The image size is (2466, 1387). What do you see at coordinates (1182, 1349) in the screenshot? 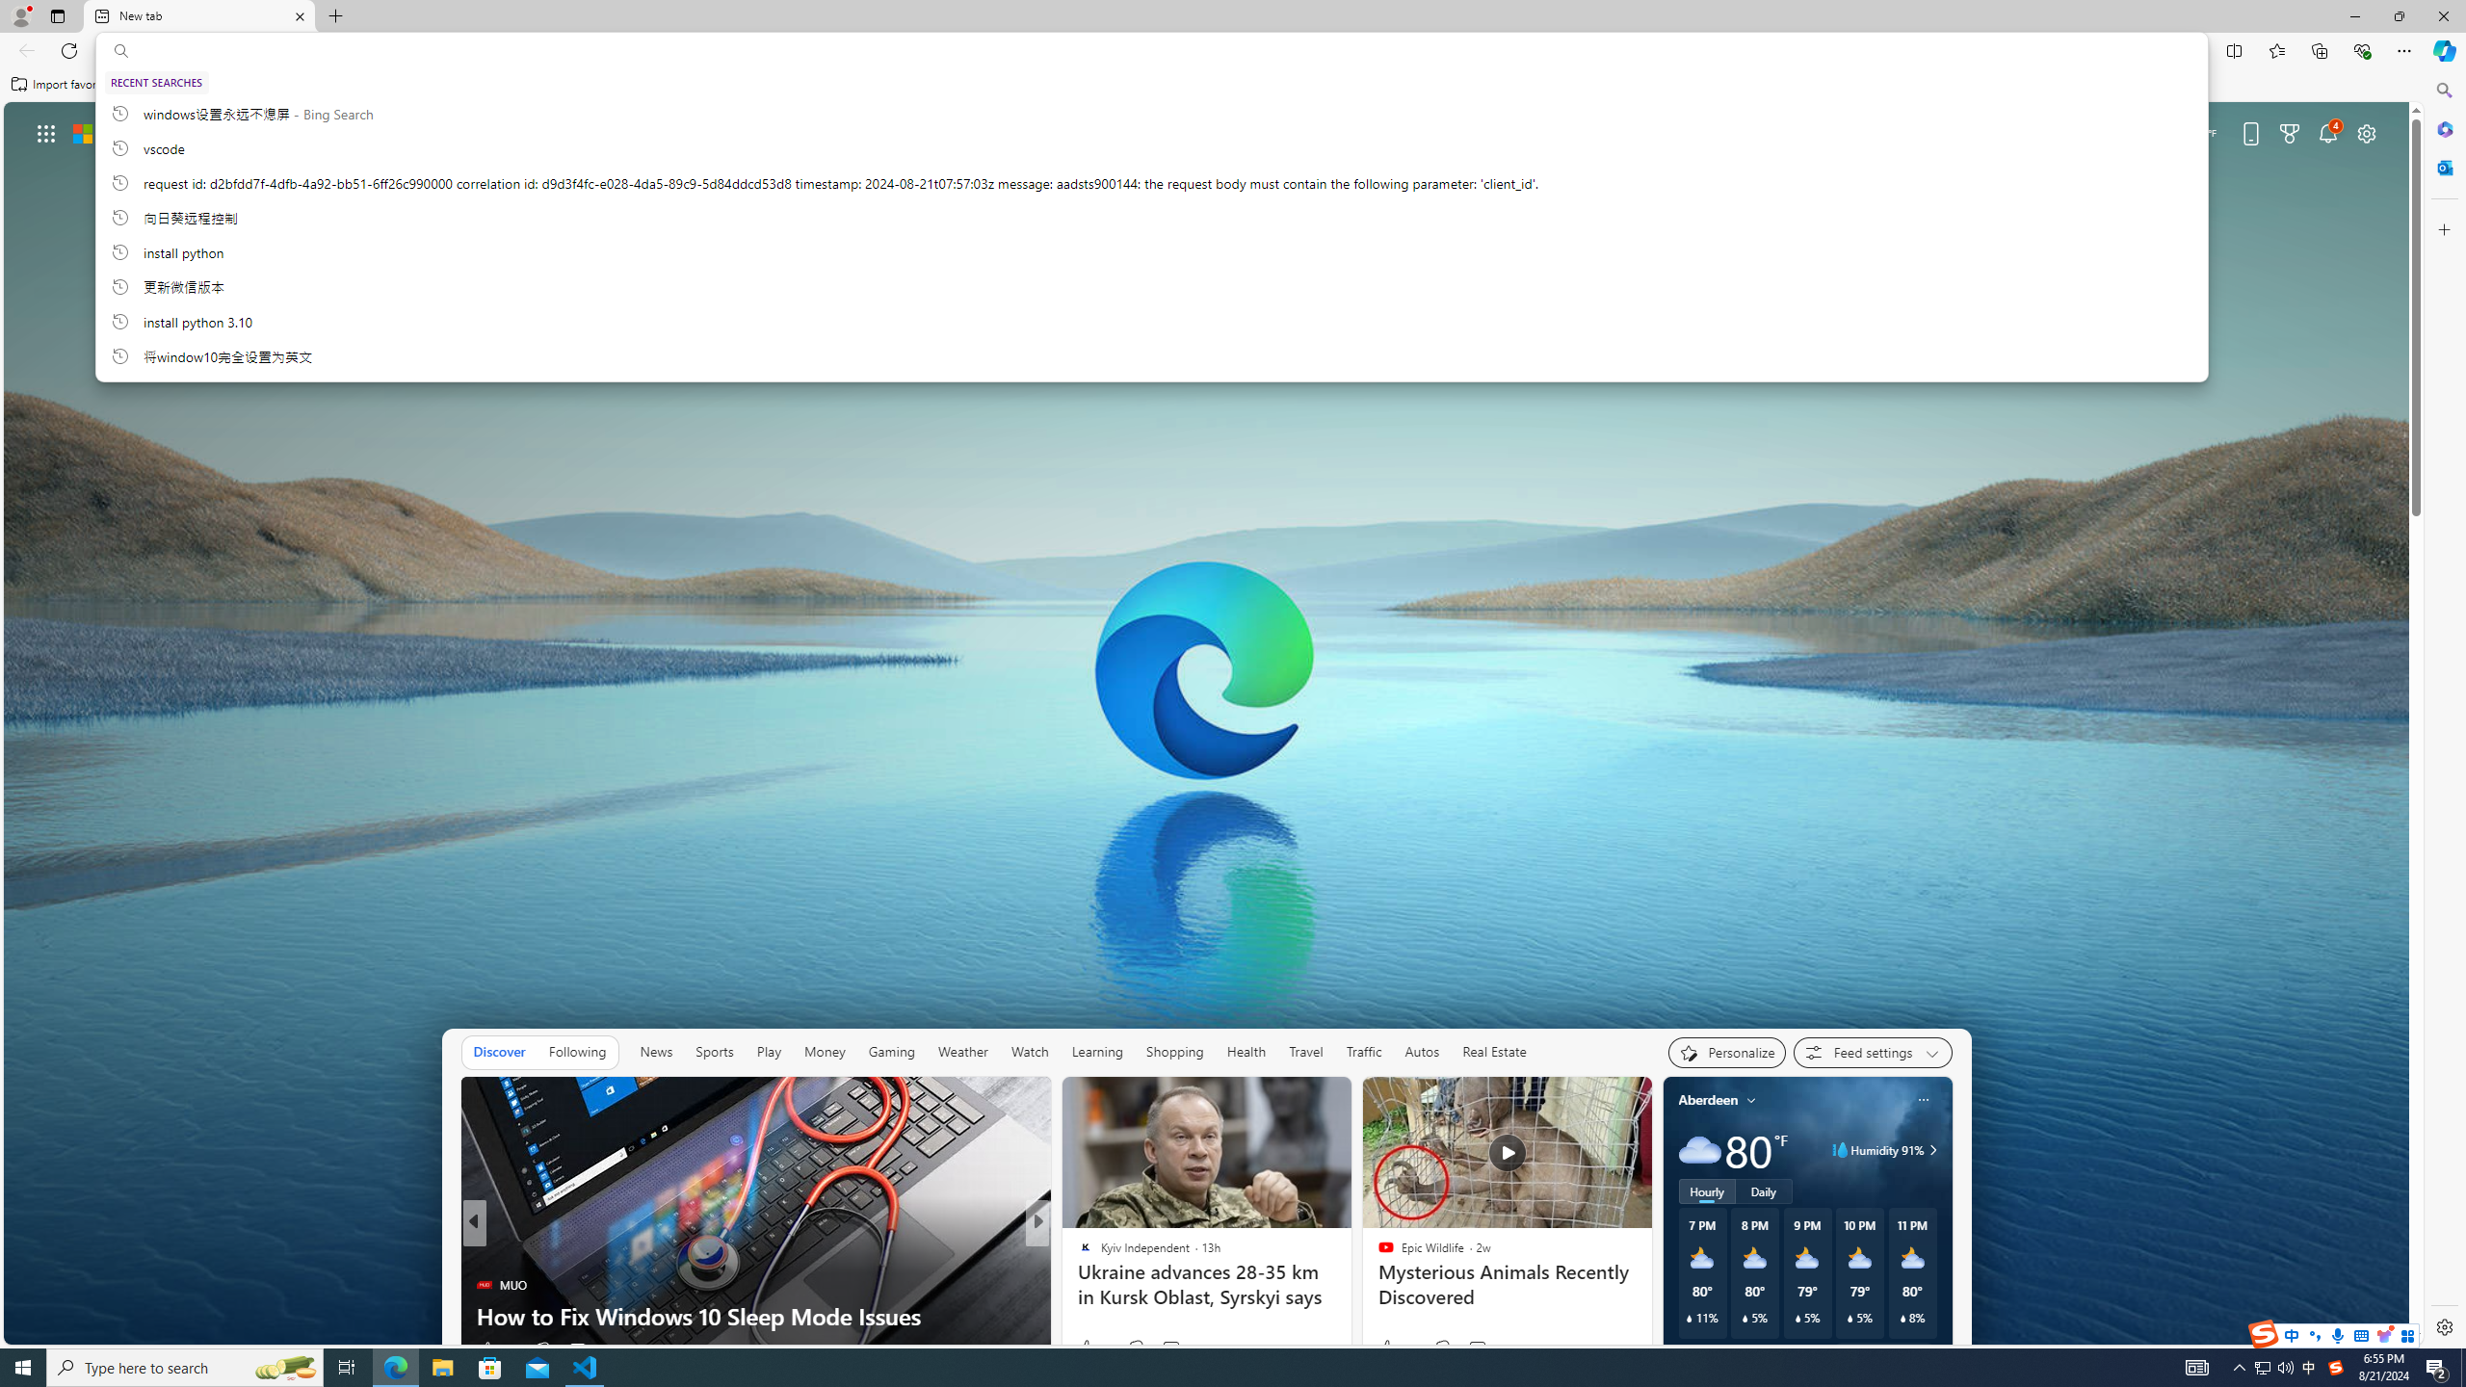
I see `'View comments 141 Comment'` at bounding box center [1182, 1349].